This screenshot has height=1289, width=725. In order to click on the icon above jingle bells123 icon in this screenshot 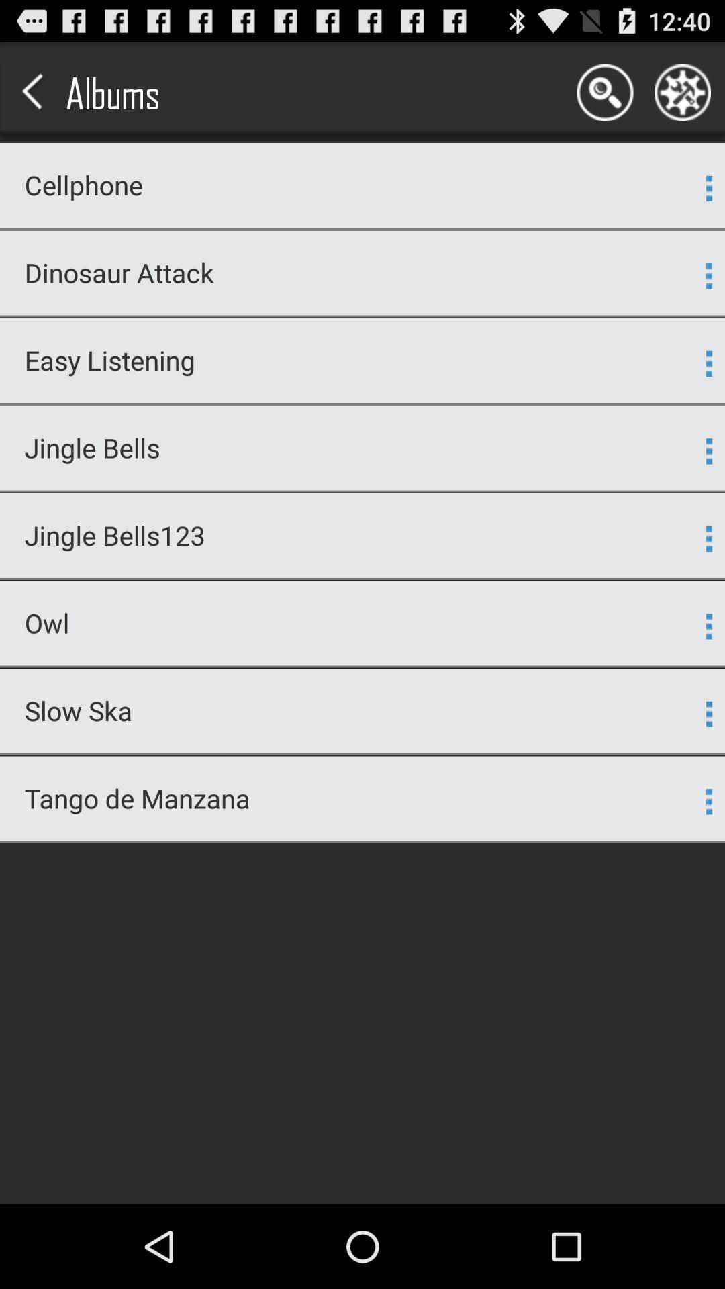, I will do `click(362, 491)`.